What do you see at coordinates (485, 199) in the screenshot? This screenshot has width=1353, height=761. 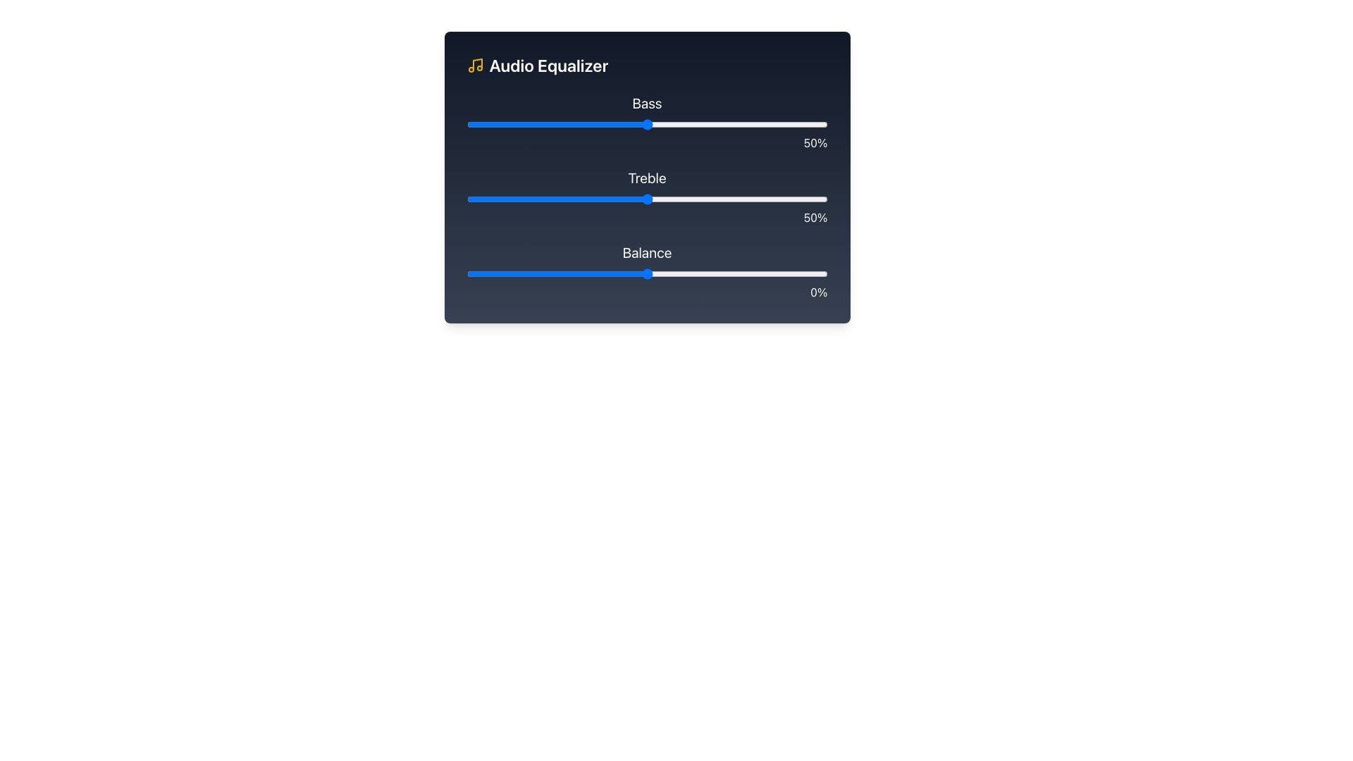 I see `the treble level` at bounding box center [485, 199].